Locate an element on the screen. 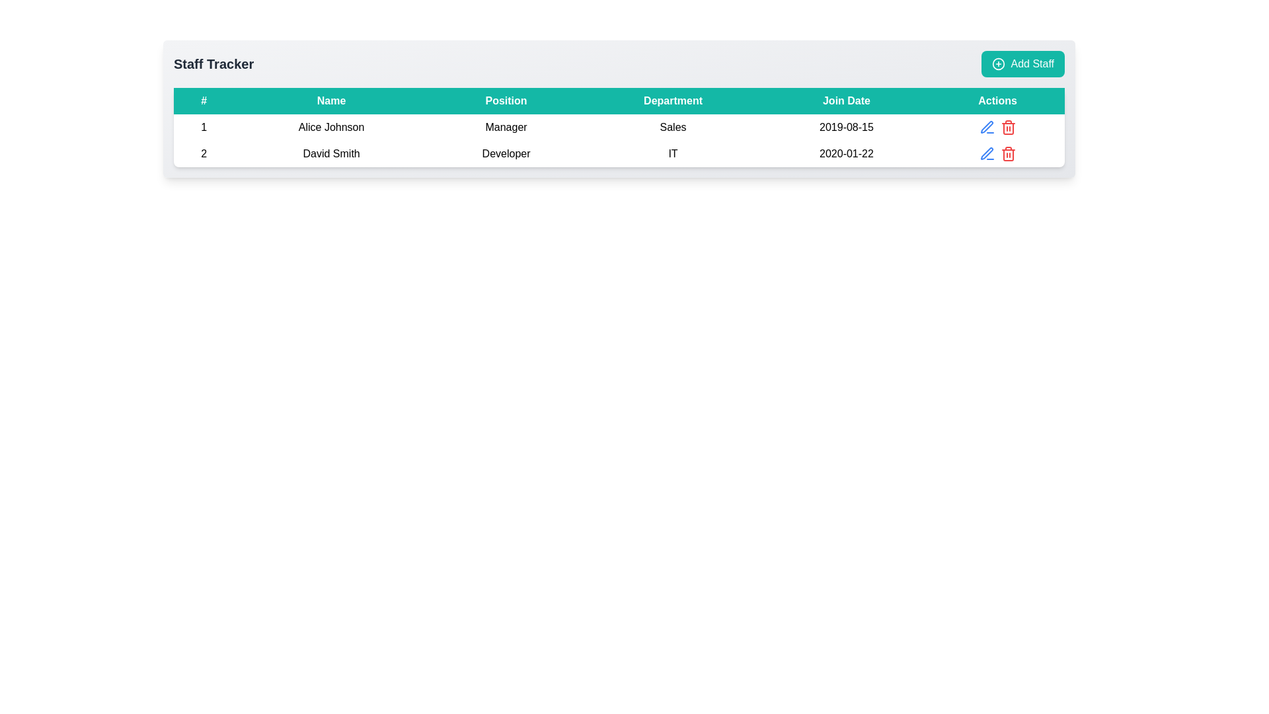 The image size is (1269, 714). the first column of the second row in the table, which serves as an identifier or index, located adjacent to the 'David Smith' text cell is located at coordinates (203, 153).